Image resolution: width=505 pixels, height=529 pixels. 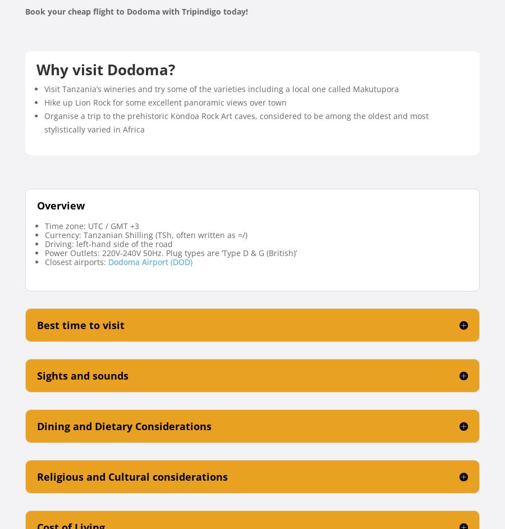 I want to click on 'Visit Tanzania’s wineries and try some of the varieties including a local one called Makutupora', so click(x=222, y=88).